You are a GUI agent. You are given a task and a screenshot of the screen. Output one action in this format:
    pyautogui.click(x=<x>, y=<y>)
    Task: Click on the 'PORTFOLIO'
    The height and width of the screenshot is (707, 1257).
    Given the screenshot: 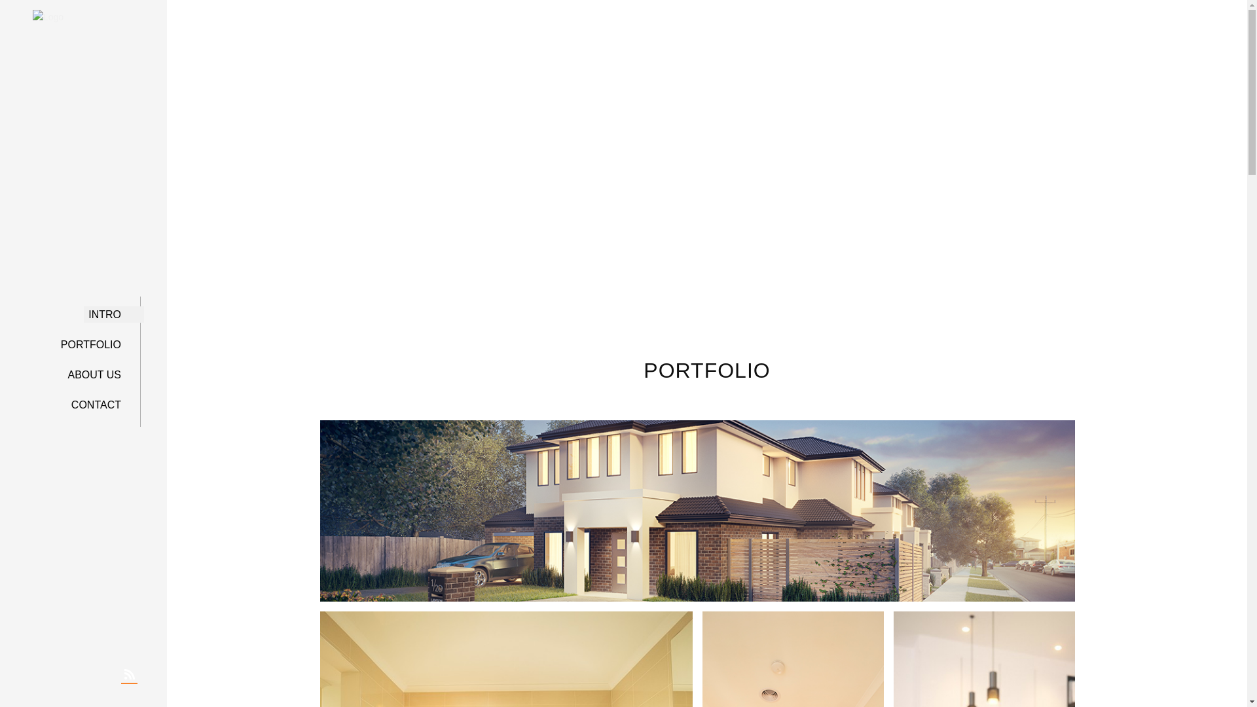 What is the action you would take?
    pyautogui.click(x=96, y=344)
    